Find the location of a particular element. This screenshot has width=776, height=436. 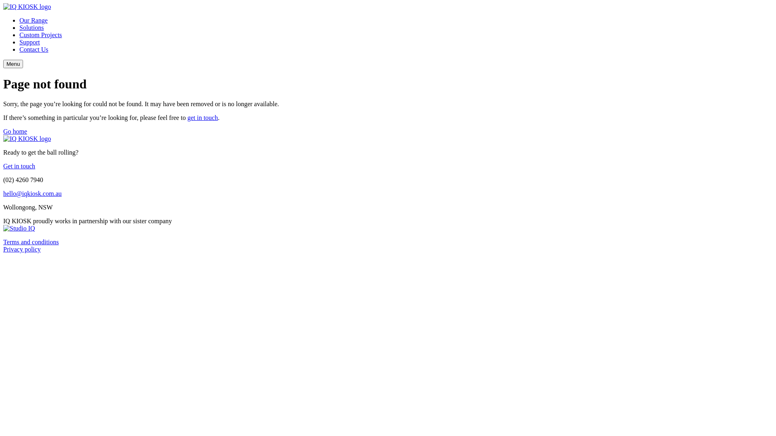

'Contact Us' is located at coordinates (33, 49).